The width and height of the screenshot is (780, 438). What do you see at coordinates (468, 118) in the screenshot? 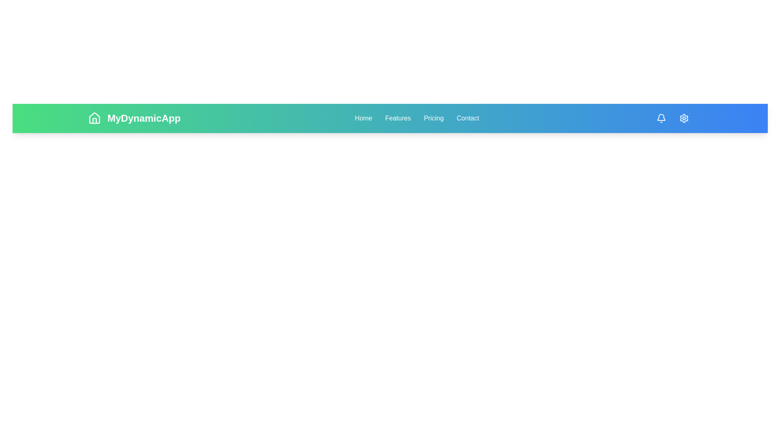
I see `the Contact navigation link to navigate to the respective section` at bounding box center [468, 118].